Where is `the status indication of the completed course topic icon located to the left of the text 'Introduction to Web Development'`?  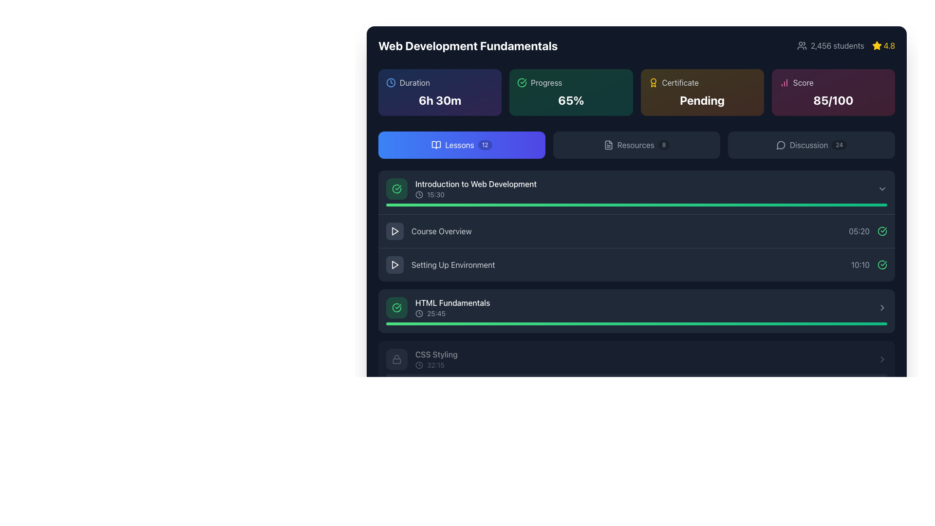
the status indication of the completed course topic icon located to the left of the text 'Introduction to Web Development' is located at coordinates (397, 189).